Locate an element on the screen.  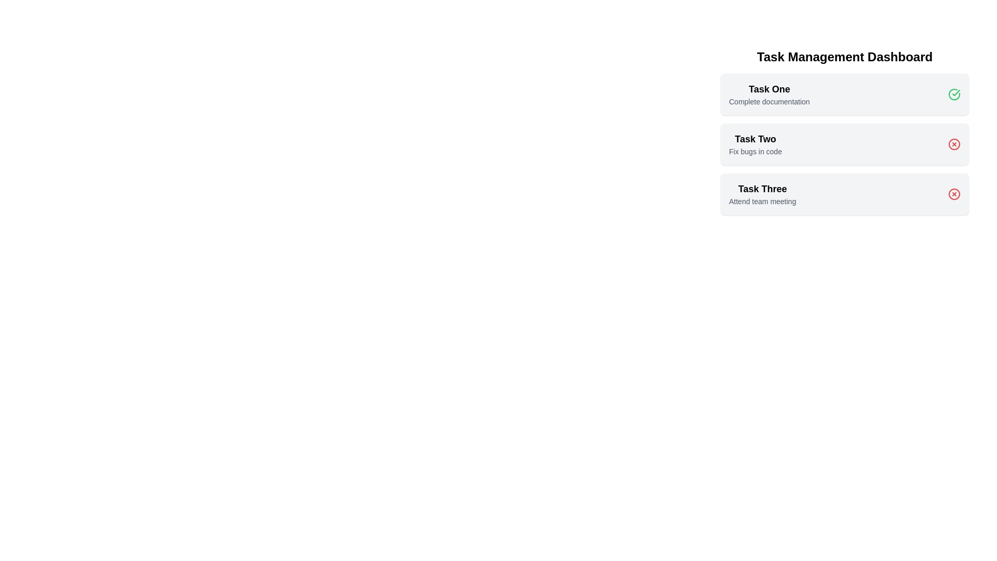
the task title Task One to highlight it is located at coordinates (769, 89).